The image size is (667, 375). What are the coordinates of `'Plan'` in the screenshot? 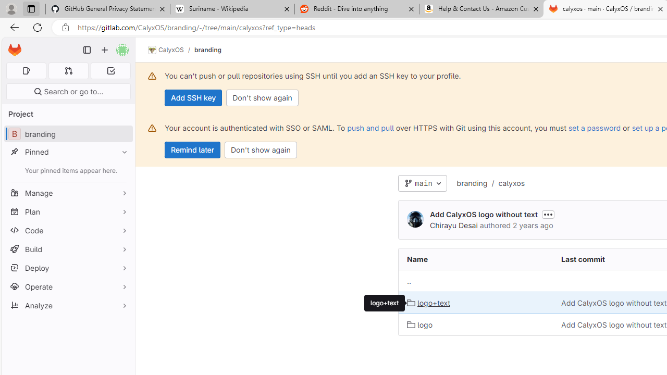 It's located at (68, 211).